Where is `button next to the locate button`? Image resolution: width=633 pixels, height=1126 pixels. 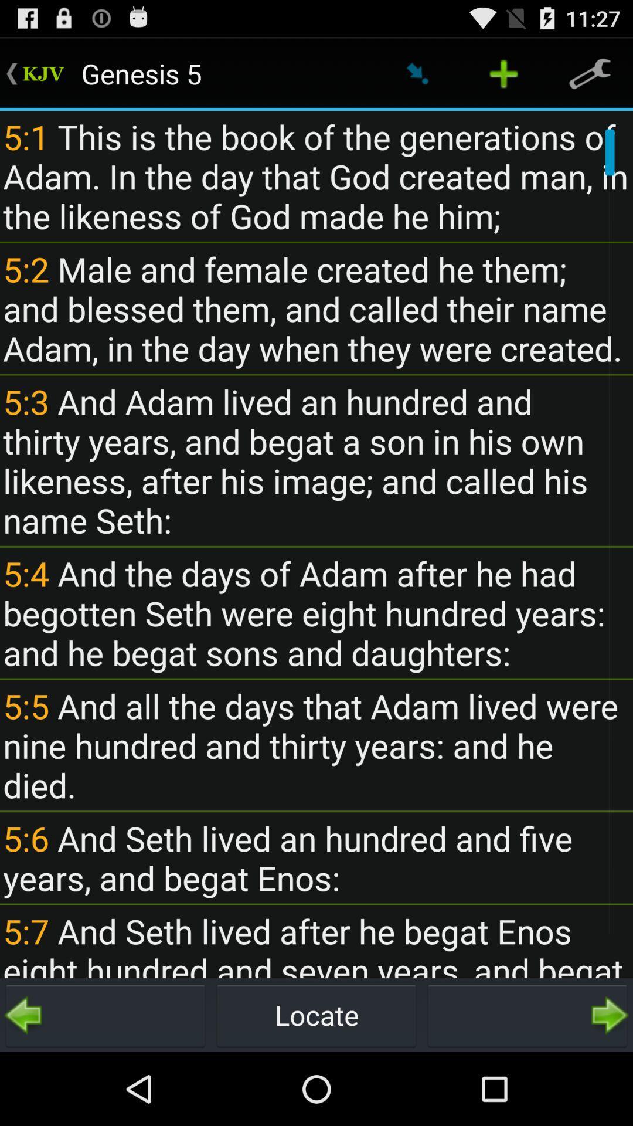
button next to the locate button is located at coordinates (105, 1015).